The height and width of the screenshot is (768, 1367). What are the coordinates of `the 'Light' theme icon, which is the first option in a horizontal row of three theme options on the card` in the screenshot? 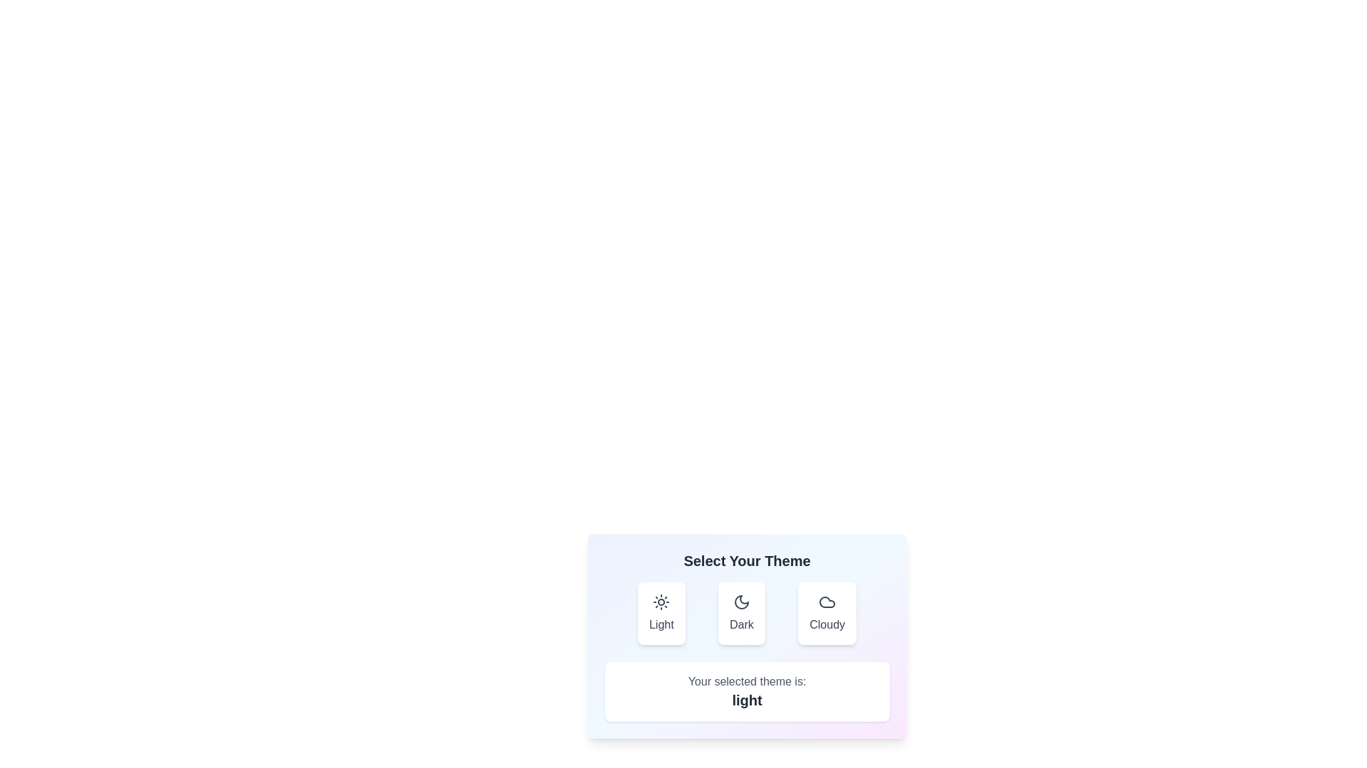 It's located at (661, 602).